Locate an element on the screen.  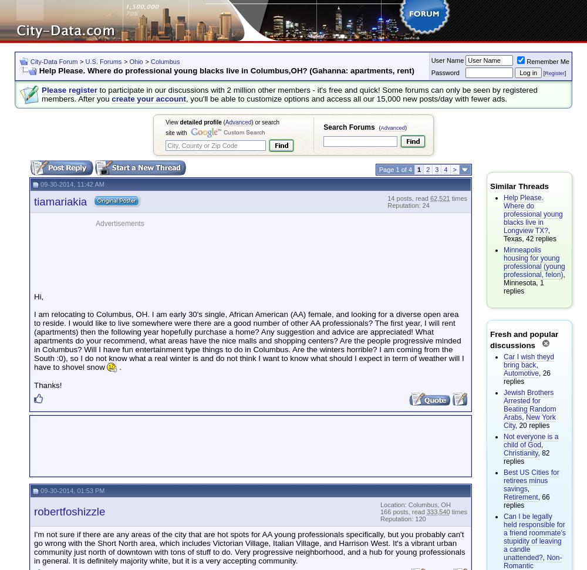
'Search Forums' is located at coordinates (348, 127).